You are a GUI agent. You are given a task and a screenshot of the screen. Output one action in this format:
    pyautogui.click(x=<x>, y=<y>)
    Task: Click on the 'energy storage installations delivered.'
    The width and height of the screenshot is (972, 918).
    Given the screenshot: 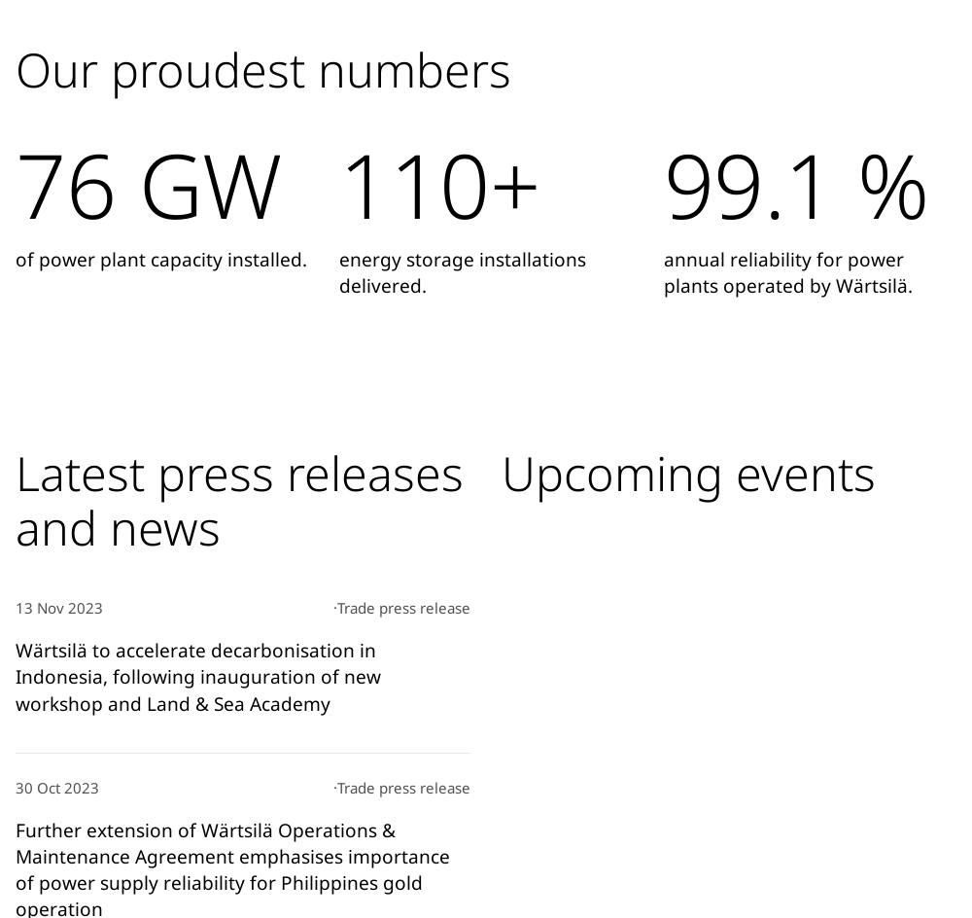 What is the action you would take?
    pyautogui.click(x=462, y=272)
    